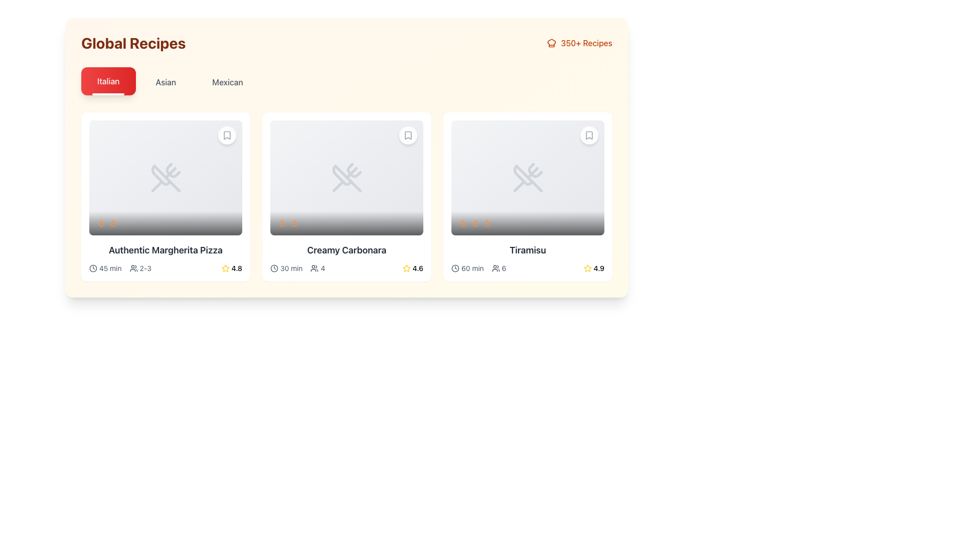 This screenshot has height=542, width=963. What do you see at coordinates (454, 267) in the screenshot?
I see `the decorative graphical element (circle within an SVG clock) that represents the clock's face, located in the top-left corner of the card section under the 'Tiramisu' card` at bounding box center [454, 267].